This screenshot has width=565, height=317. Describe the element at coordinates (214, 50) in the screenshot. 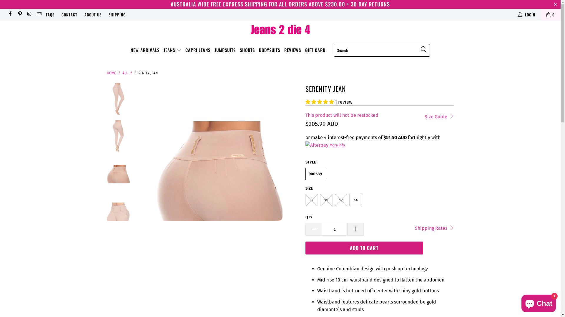

I see `'JUMPSUITS'` at that location.